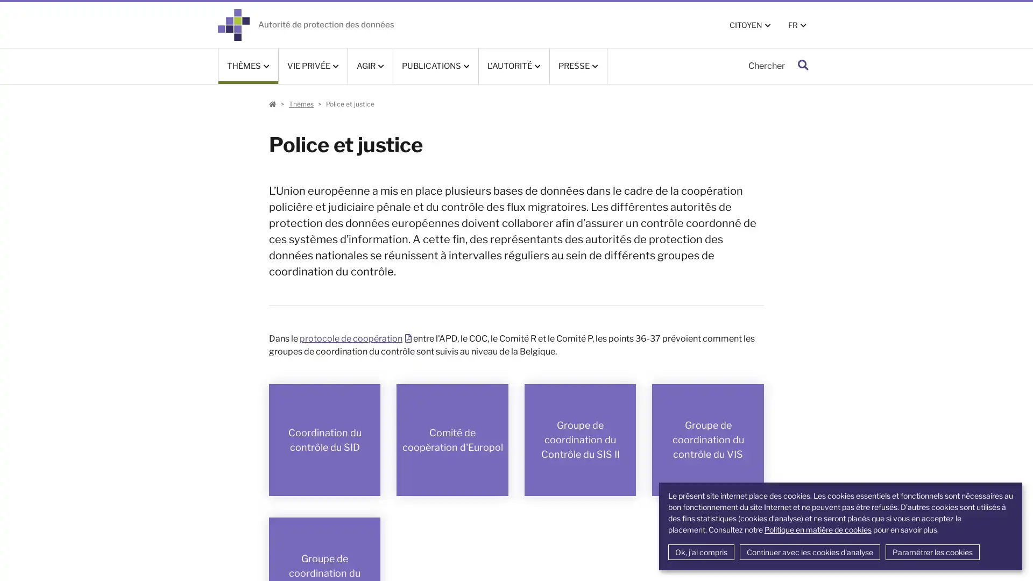 The image size is (1033, 581). What do you see at coordinates (803, 66) in the screenshot?
I see `Rechercher` at bounding box center [803, 66].